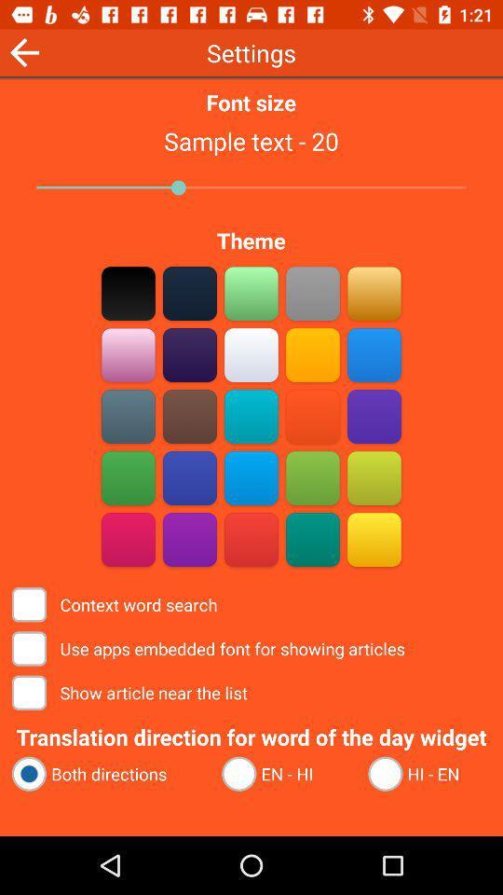 This screenshot has width=503, height=895. Describe the element at coordinates (251, 539) in the screenshot. I see `pick orange theme color` at that location.